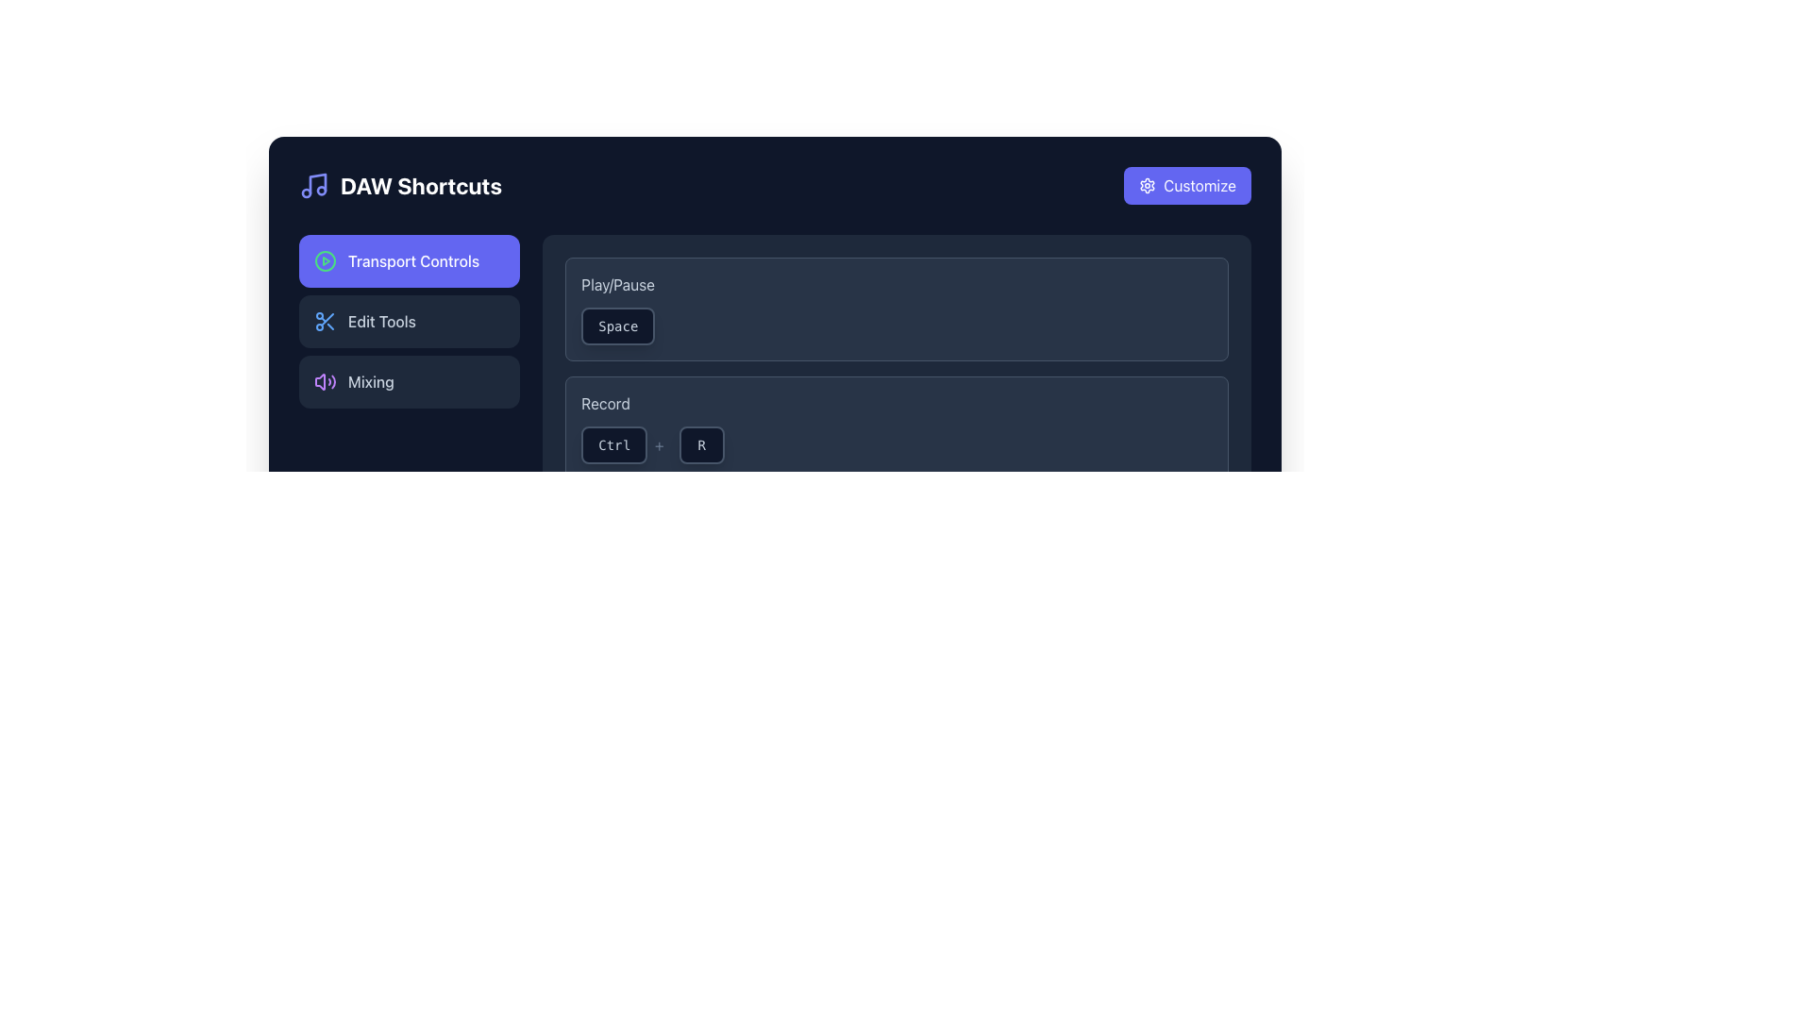 The image size is (1812, 1019). I want to click on the 'Edit Tools' button, which is a rectangular button labeled with gray text and a blue scissors icon, located below the 'Transport Controls' button and above the 'Mixing' button, so click(409, 320).